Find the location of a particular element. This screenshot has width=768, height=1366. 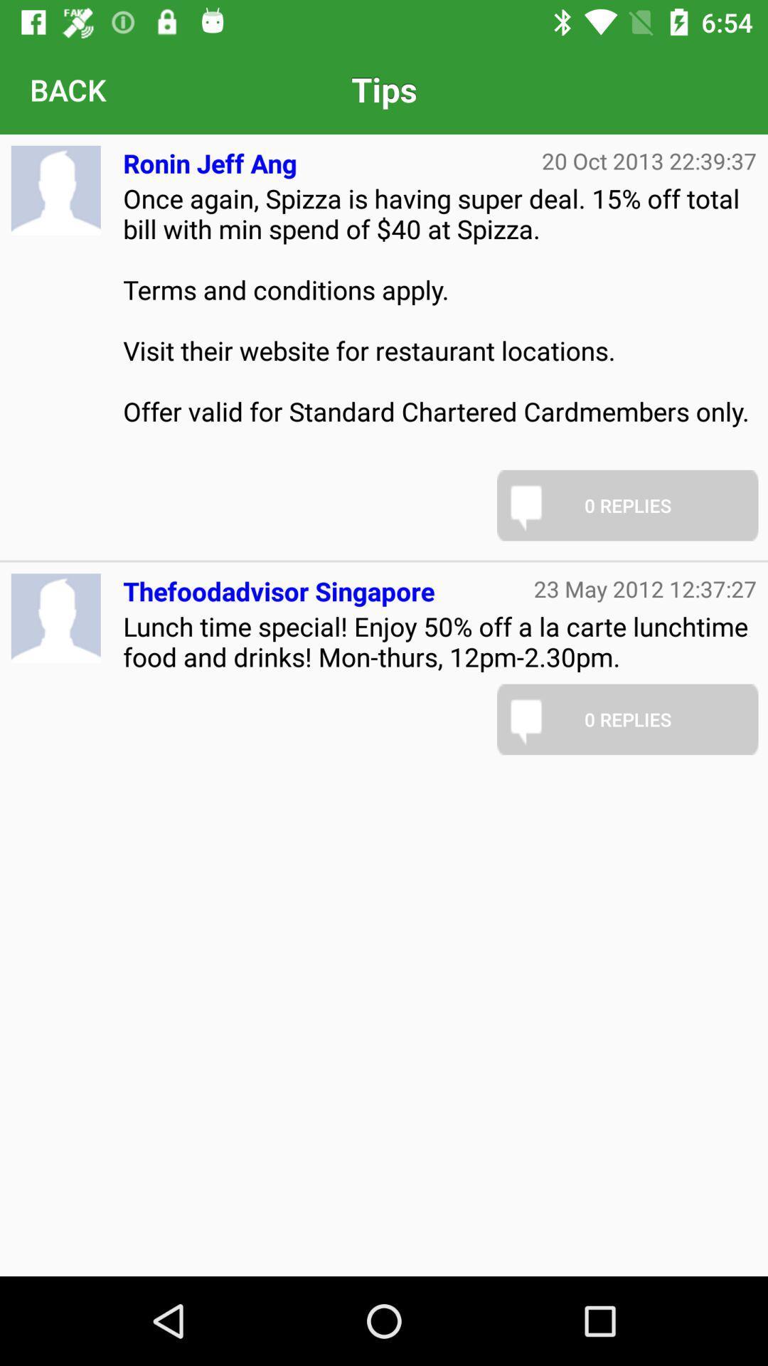

the icon above the 0 replies icon is located at coordinates (645, 588).